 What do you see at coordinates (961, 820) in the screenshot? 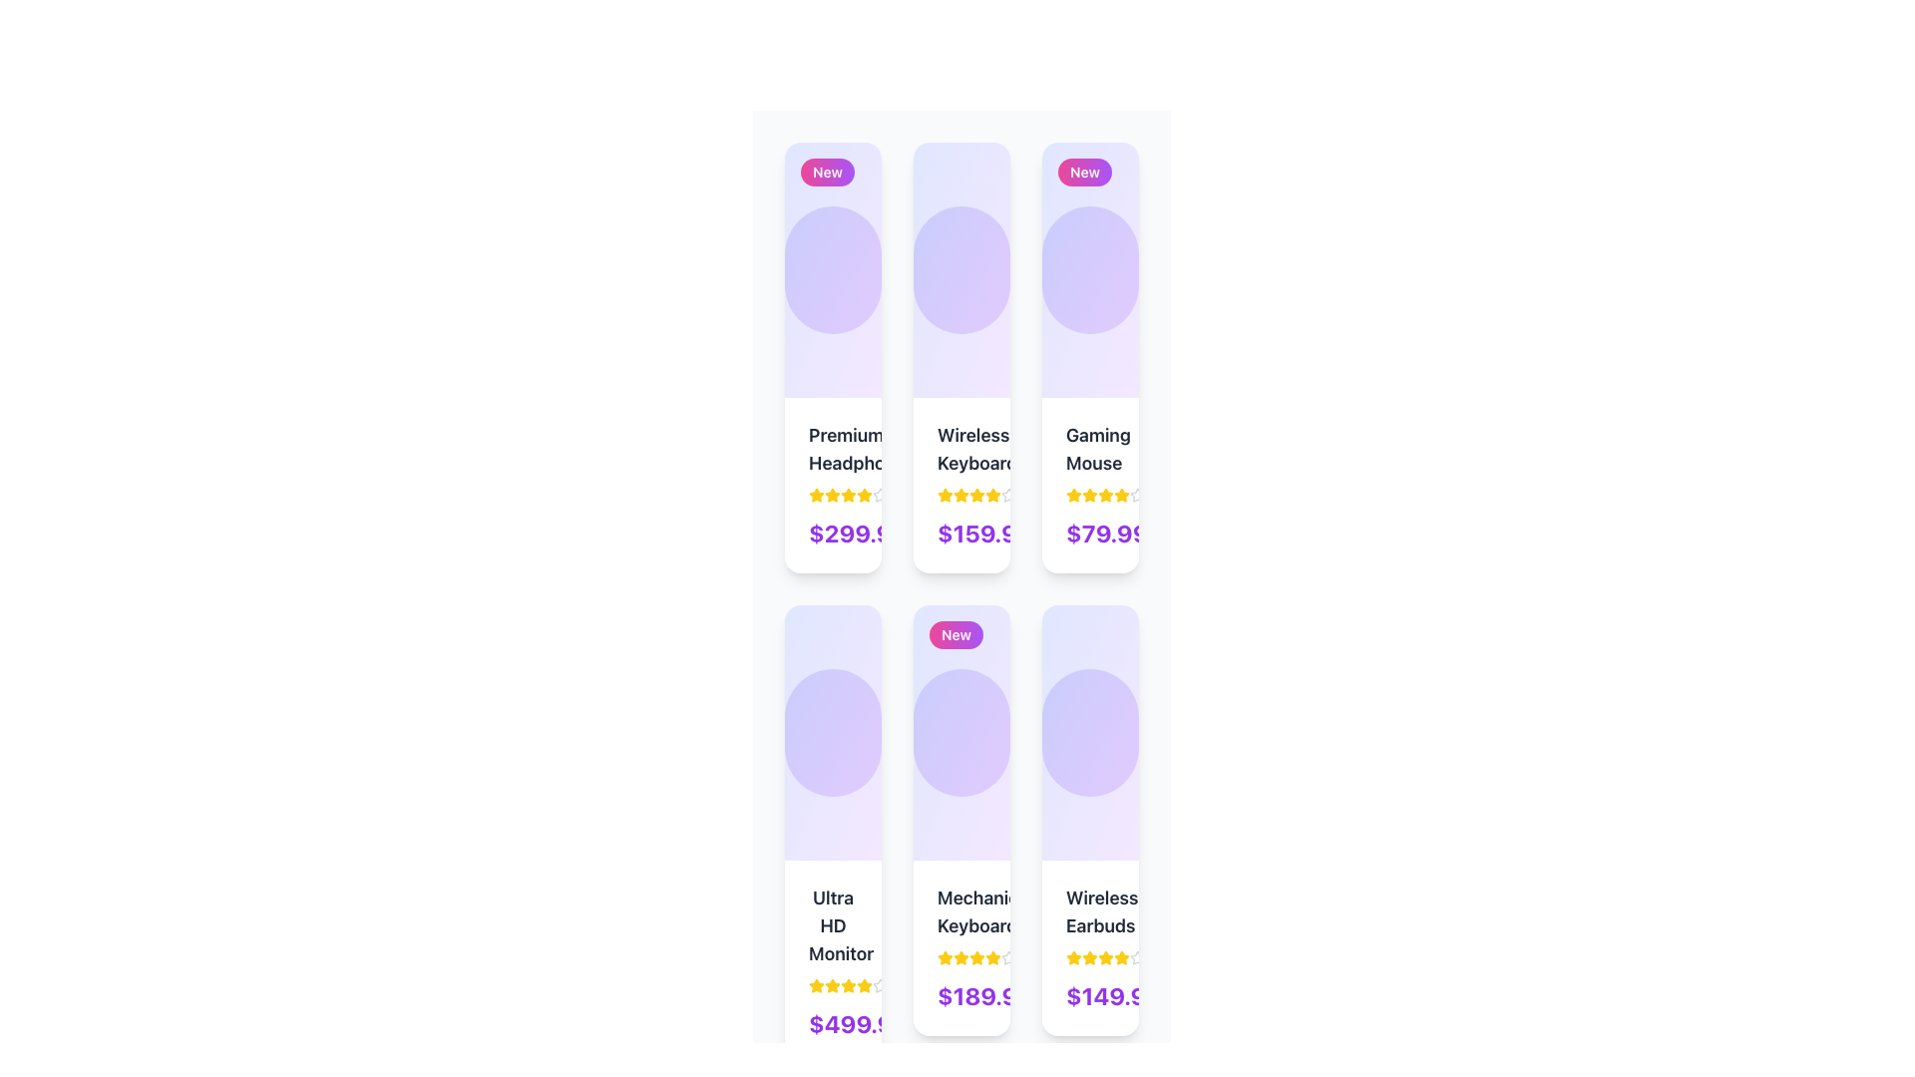
I see `the fourth product card in the grid` at bounding box center [961, 820].